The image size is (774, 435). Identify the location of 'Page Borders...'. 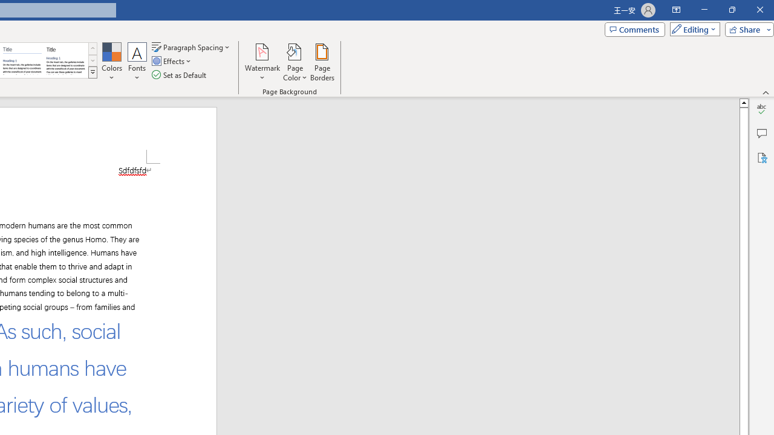
(322, 62).